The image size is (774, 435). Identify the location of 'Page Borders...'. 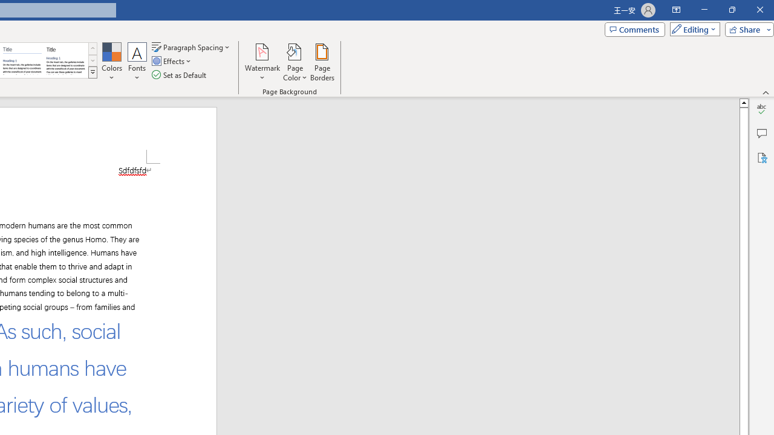
(322, 62).